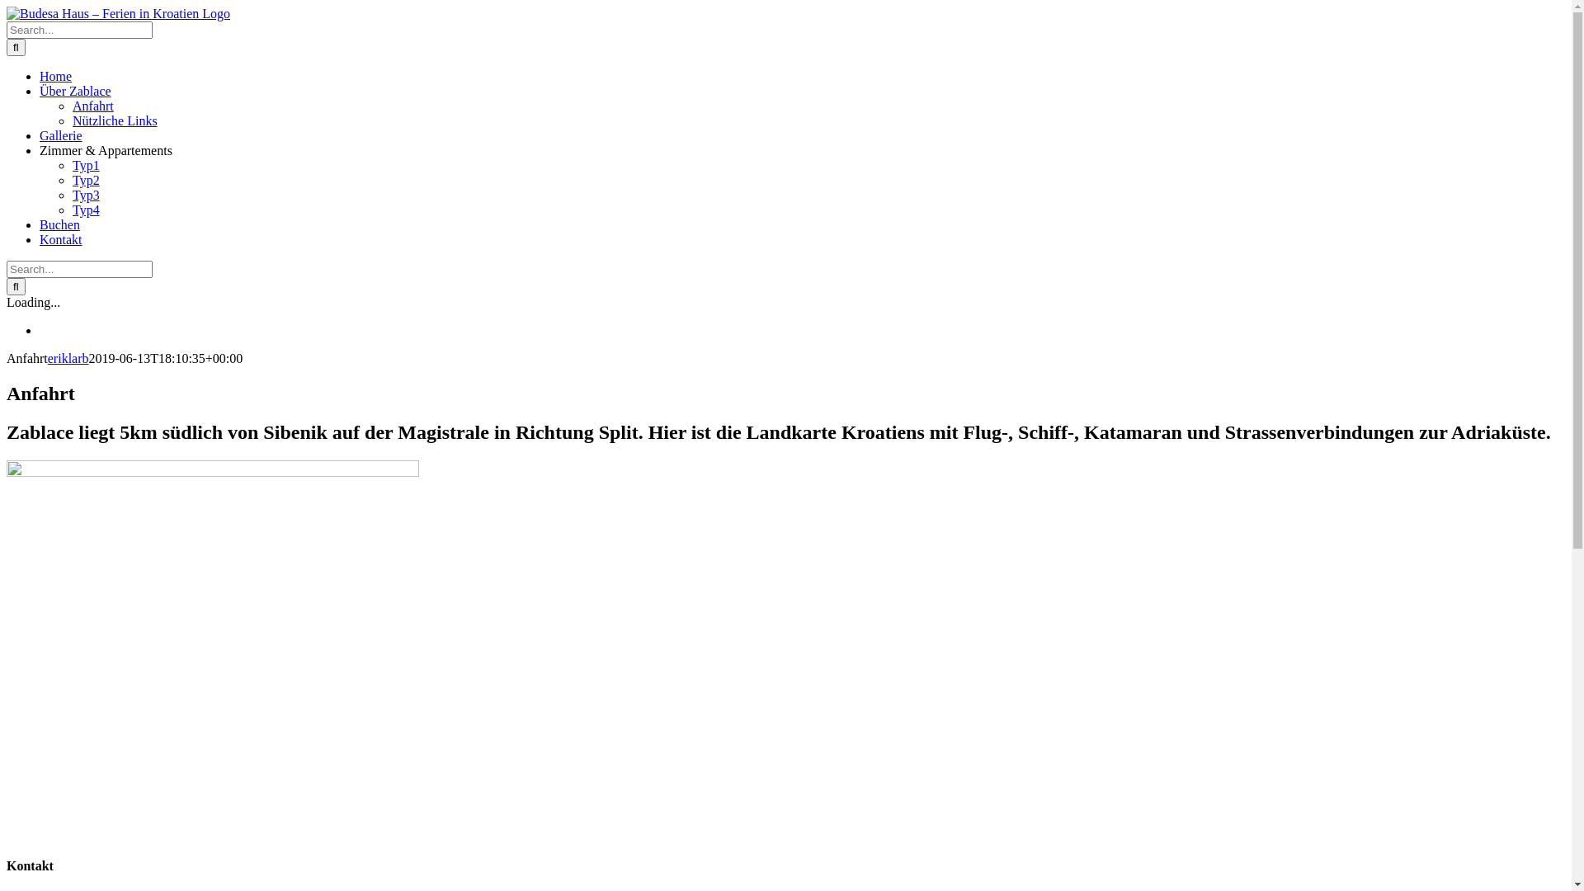 This screenshot has width=1584, height=891. Describe the element at coordinates (60, 134) in the screenshot. I see `'Gallerie'` at that location.